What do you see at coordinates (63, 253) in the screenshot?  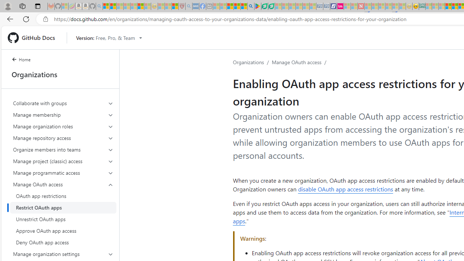 I see `'Manage organization settings'` at bounding box center [63, 253].